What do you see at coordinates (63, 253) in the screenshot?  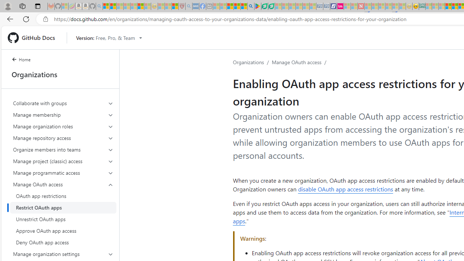 I see `'Manage organization settings'` at bounding box center [63, 253].